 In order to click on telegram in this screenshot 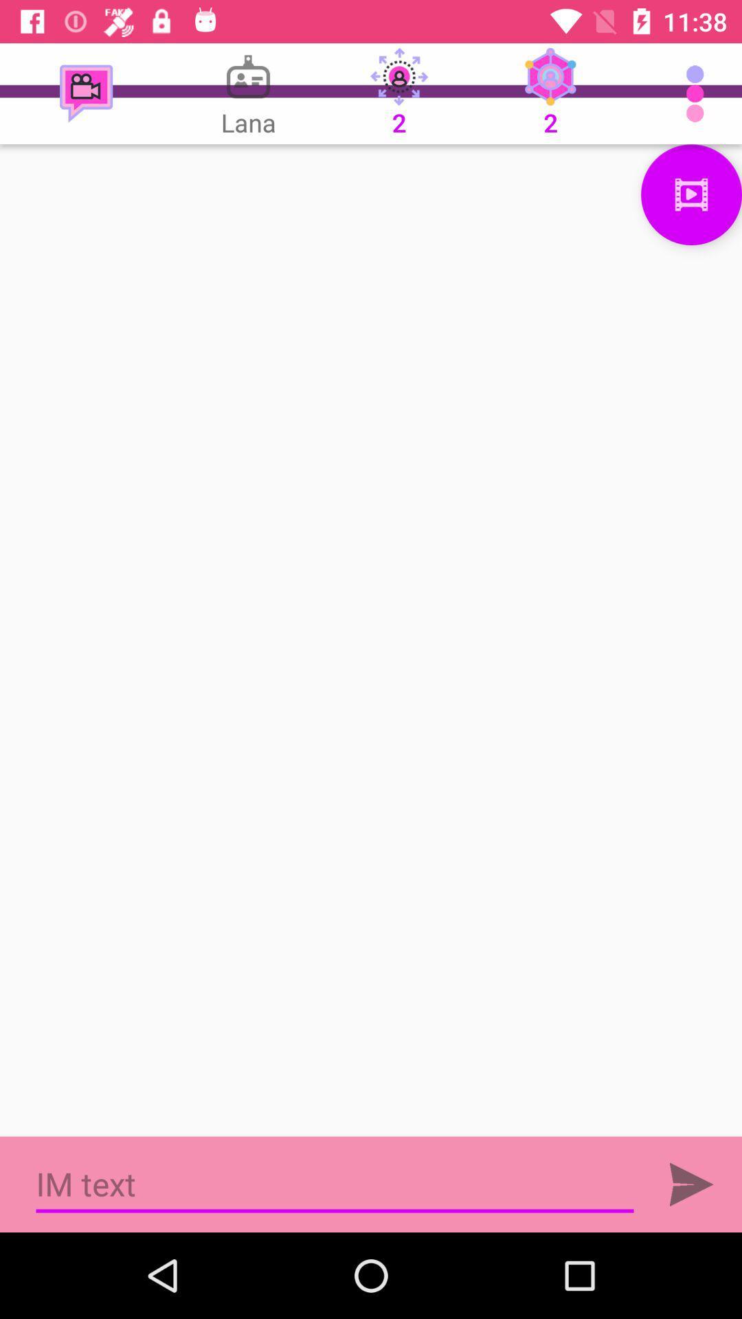, I will do `click(691, 1184)`.